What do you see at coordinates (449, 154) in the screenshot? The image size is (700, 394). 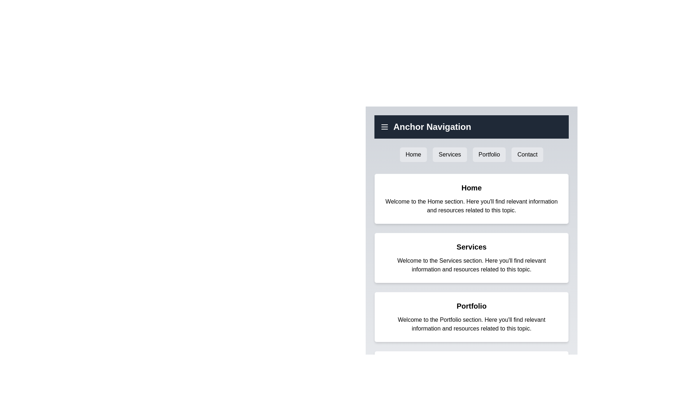 I see `the 'Services' button, which is the second button from the left in the navigation bar` at bounding box center [449, 154].